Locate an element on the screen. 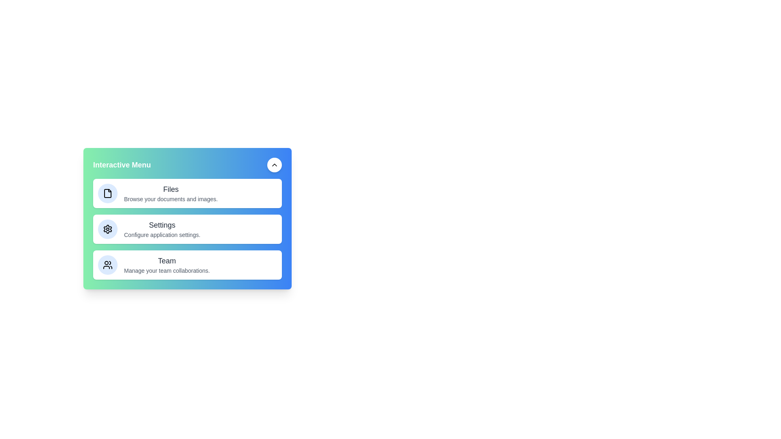 The height and width of the screenshot is (439, 781). the 'Team' option in the menu is located at coordinates (166, 265).